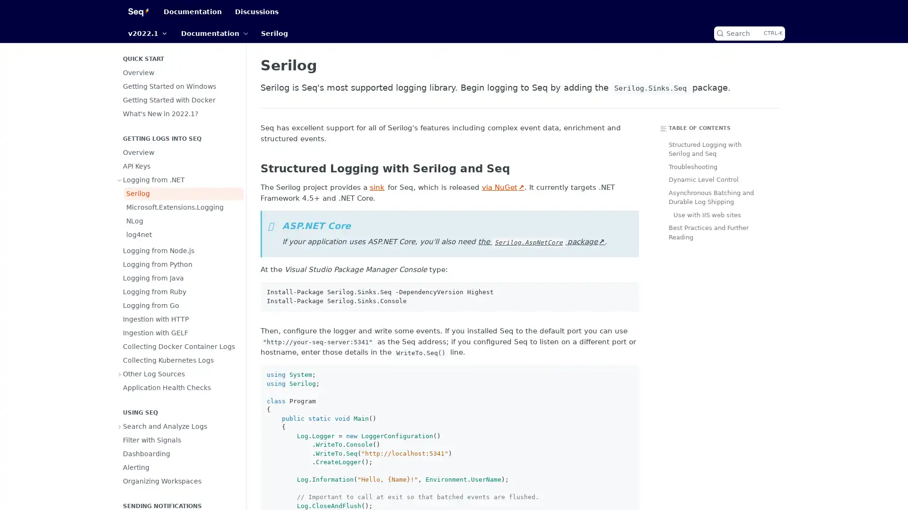 Image resolution: width=908 pixels, height=510 pixels. What do you see at coordinates (628, 292) in the screenshot?
I see `Copy Code` at bounding box center [628, 292].